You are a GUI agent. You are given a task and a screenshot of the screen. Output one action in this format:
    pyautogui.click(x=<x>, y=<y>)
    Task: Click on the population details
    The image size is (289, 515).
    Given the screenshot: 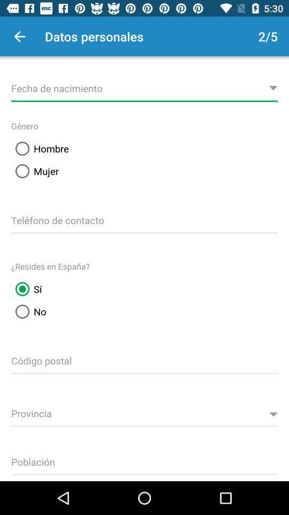 What is the action you would take?
    pyautogui.click(x=144, y=460)
    